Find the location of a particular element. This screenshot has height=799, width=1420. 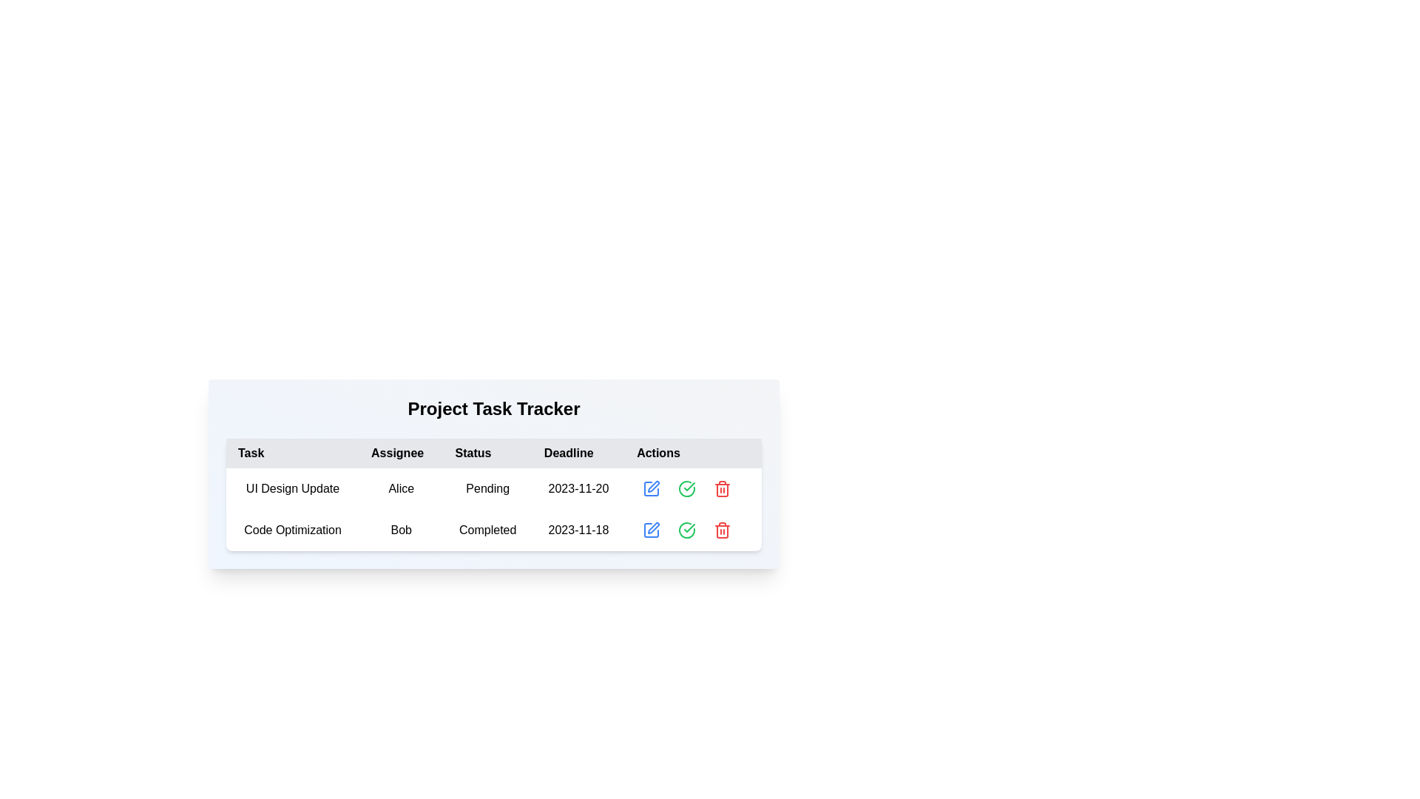

the text label displaying the deadline date for the 'Code Optimization' task, located in the second row of the table under the 'Deadline' column is located at coordinates (578, 530).